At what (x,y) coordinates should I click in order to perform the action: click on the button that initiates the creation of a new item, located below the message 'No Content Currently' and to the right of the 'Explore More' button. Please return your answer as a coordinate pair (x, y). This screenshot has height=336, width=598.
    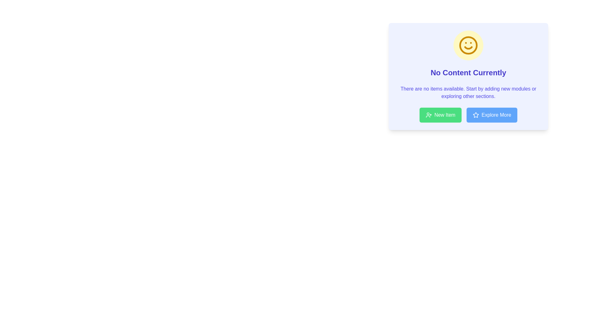
    Looking at the image, I should click on (440, 115).